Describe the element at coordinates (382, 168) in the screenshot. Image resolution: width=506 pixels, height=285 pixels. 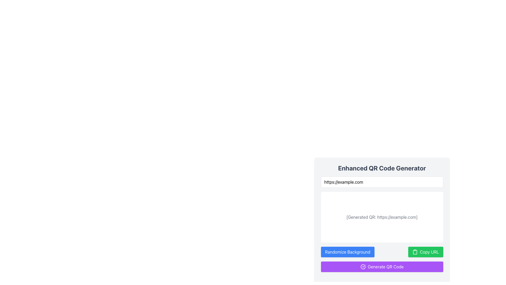
I see `the text header element labeled 'Enhanced QR Code Generator', which is styled prominently at the top of the QR code generator section` at that location.